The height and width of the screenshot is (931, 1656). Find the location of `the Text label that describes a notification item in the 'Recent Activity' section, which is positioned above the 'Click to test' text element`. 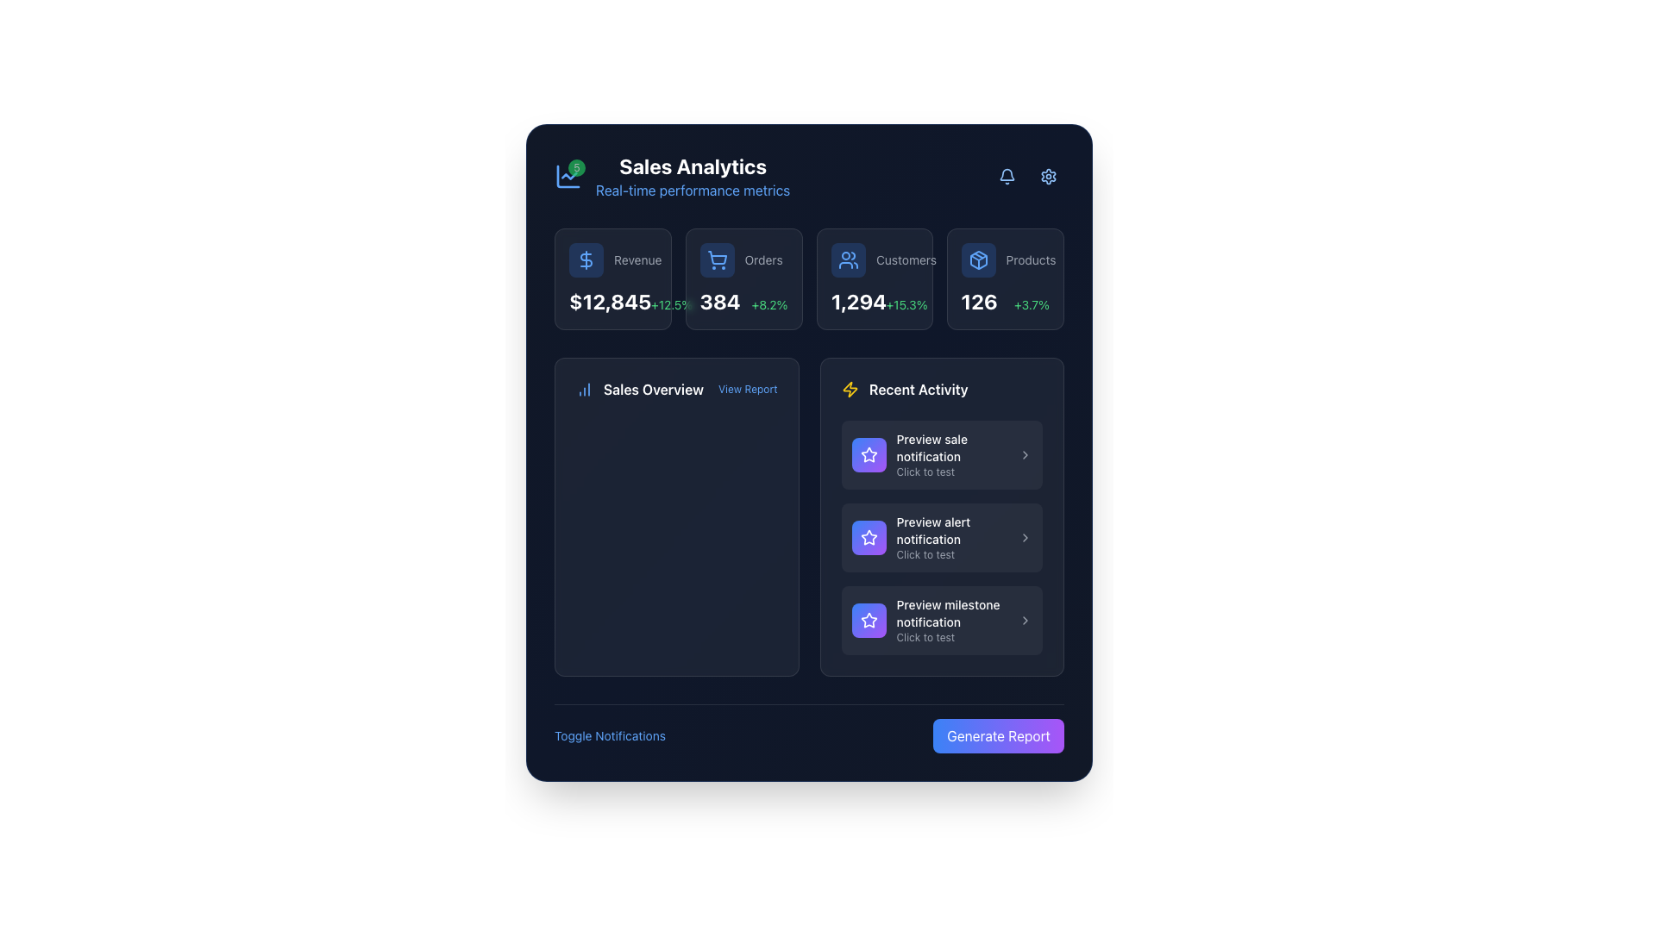

the Text label that describes a notification item in the 'Recent Activity' section, which is positioned above the 'Click to test' text element is located at coordinates (951, 447).